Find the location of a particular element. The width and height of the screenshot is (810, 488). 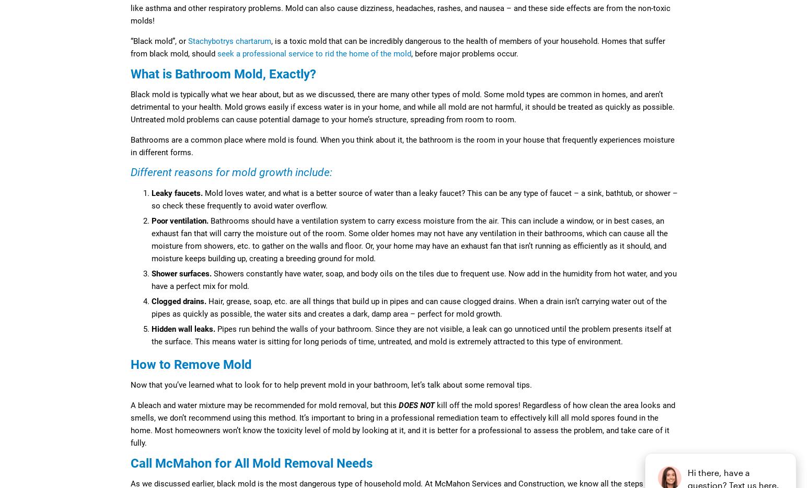

'Hair, grease, soap, etc. are all things that build up in pipes and can cause clogged drains. When a drain isn’t carrying water out of the pipes as quickly as possible, the water sits and creates a dark, damp area – perfect for mold growth.' is located at coordinates (152, 307).